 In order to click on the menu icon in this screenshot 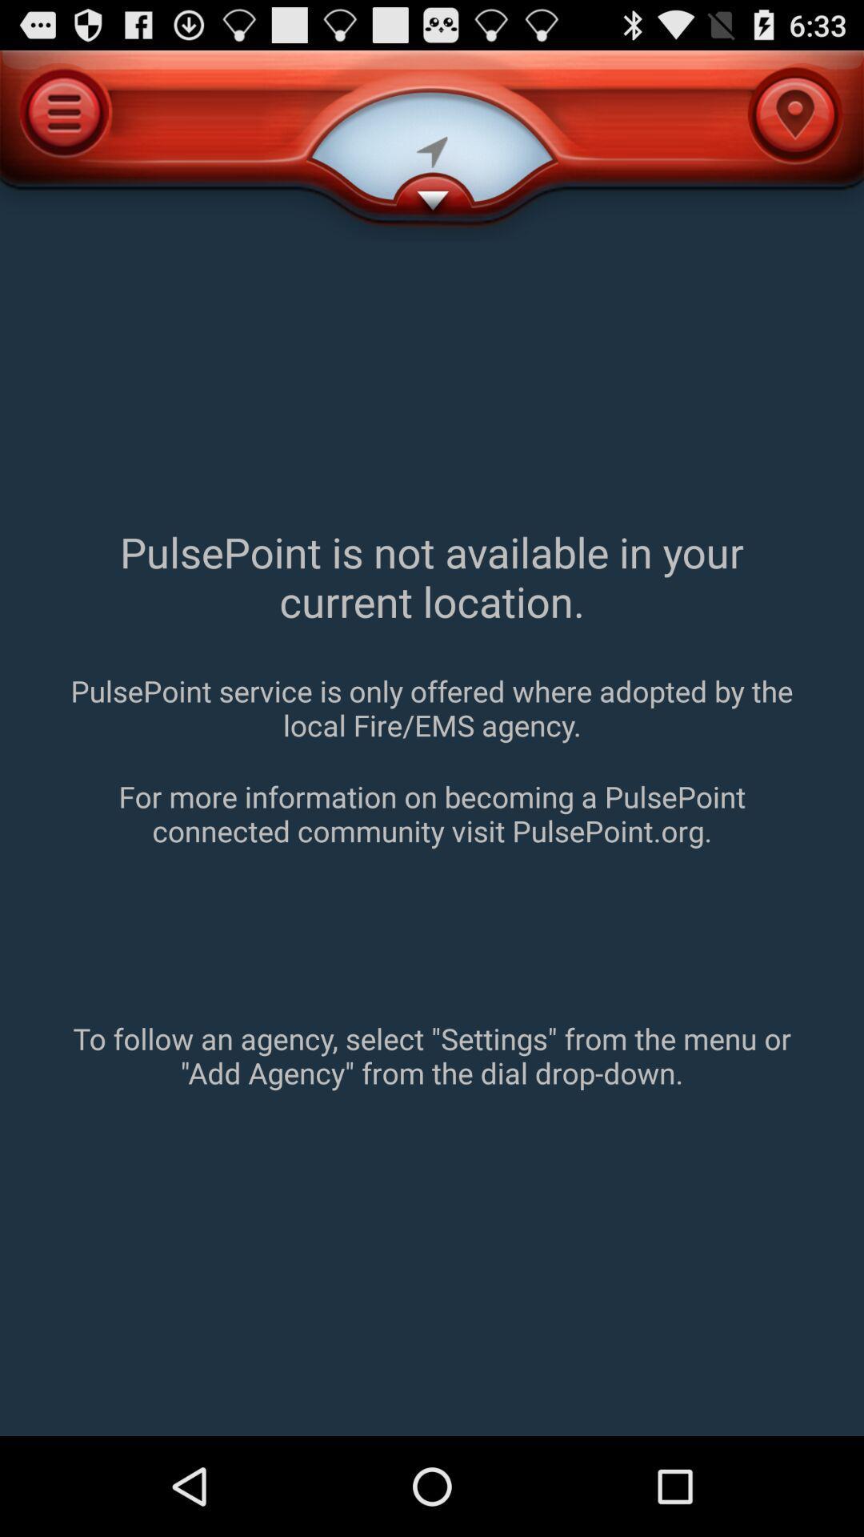, I will do `click(63, 111)`.